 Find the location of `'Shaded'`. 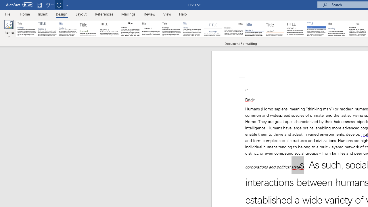

'Shaded' is located at coordinates (316, 29).